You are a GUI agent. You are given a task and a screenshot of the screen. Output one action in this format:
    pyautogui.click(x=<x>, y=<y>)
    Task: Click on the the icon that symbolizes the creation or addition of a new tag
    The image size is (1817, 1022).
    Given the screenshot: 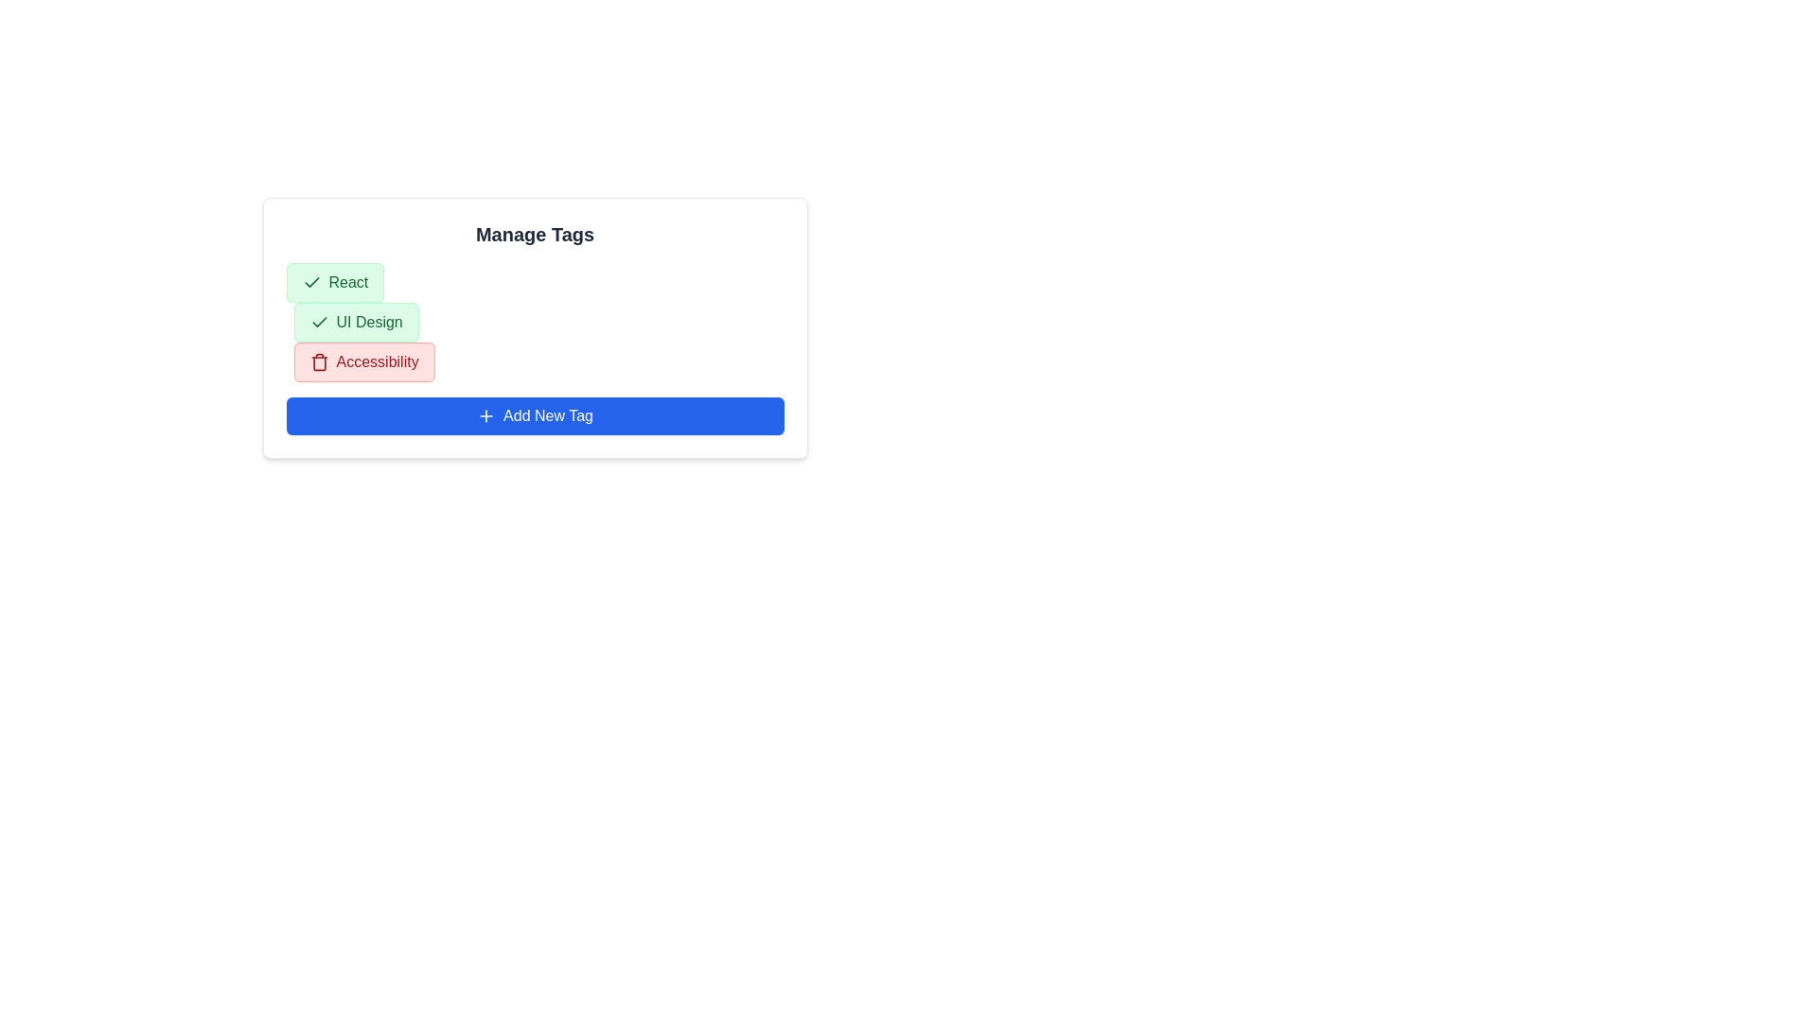 What is the action you would take?
    pyautogui.click(x=485, y=414)
    